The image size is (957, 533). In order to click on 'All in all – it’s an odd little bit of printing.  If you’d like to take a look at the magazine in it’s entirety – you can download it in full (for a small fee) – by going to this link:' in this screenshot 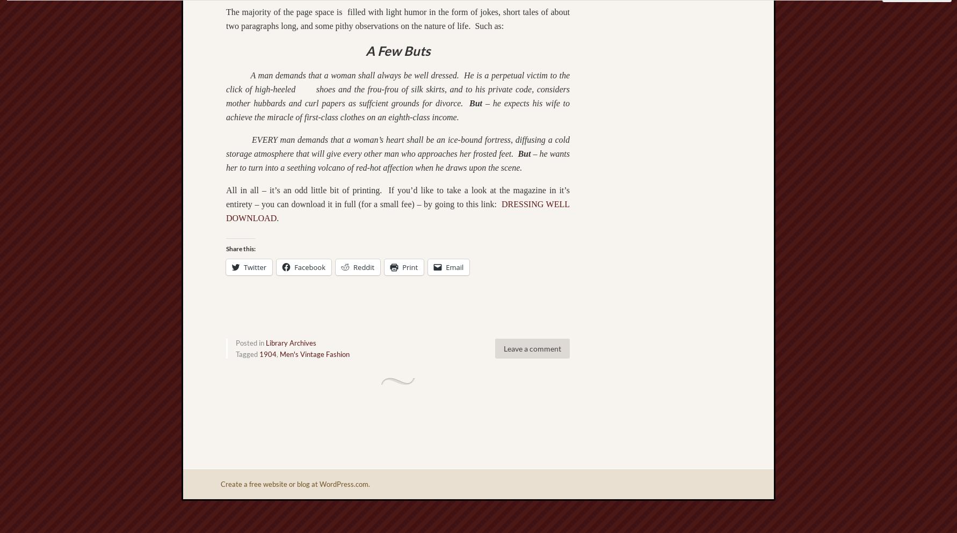, I will do `click(226, 196)`.